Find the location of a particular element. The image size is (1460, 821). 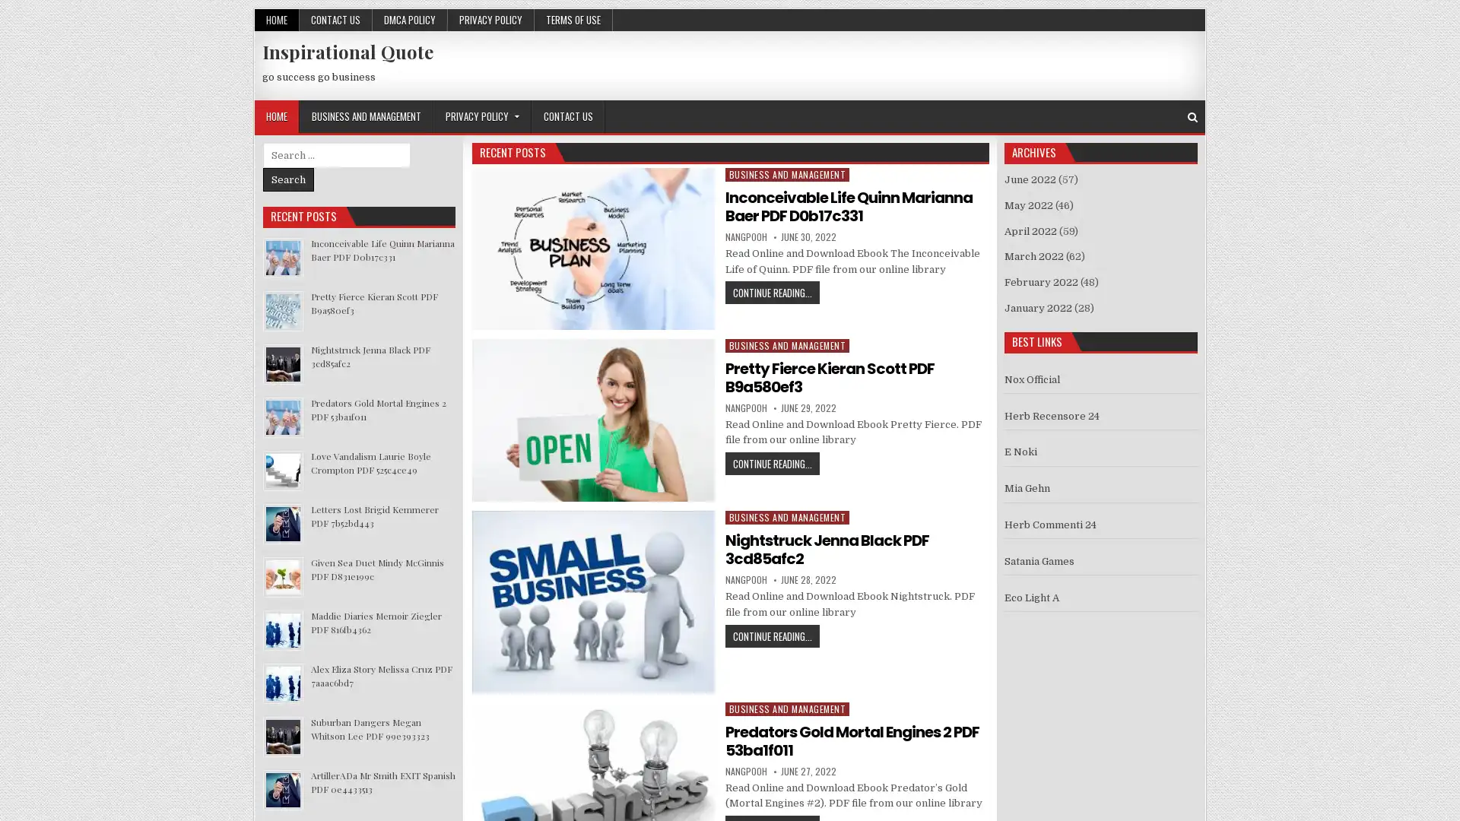

Search is located at coordinates (287, 179).